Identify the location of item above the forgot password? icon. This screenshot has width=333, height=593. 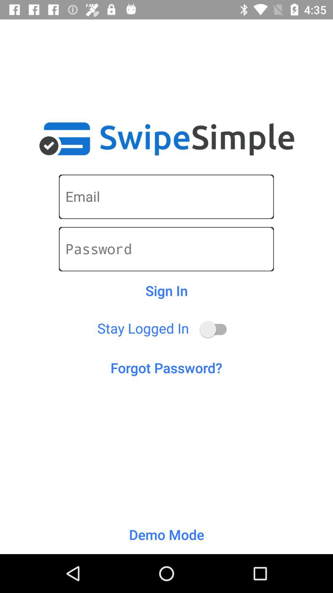
(216, 329).